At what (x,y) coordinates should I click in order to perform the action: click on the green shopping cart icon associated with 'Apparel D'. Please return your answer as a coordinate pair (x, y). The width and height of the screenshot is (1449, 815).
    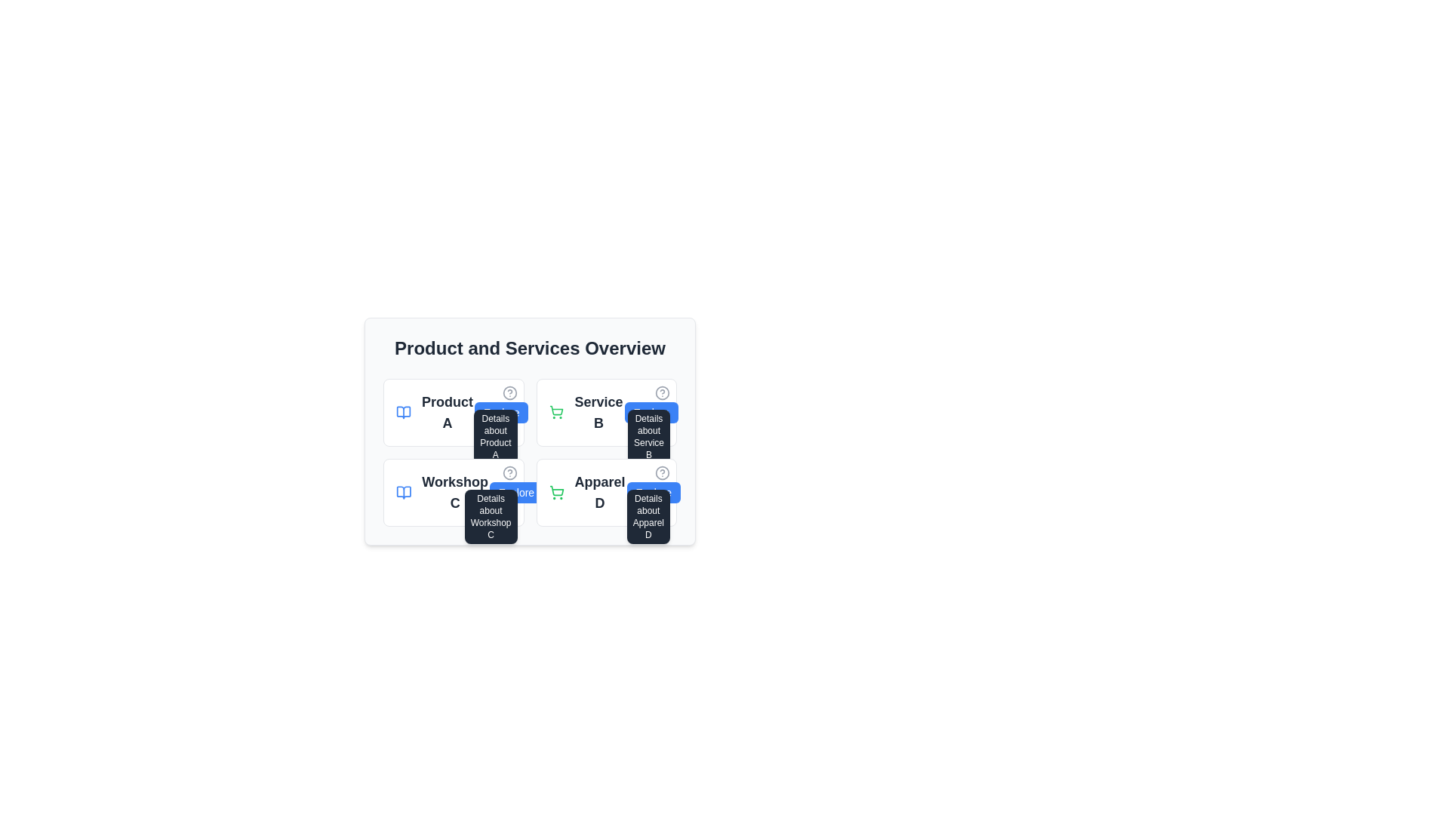
    Looking at the image, I should click on (555, 492).